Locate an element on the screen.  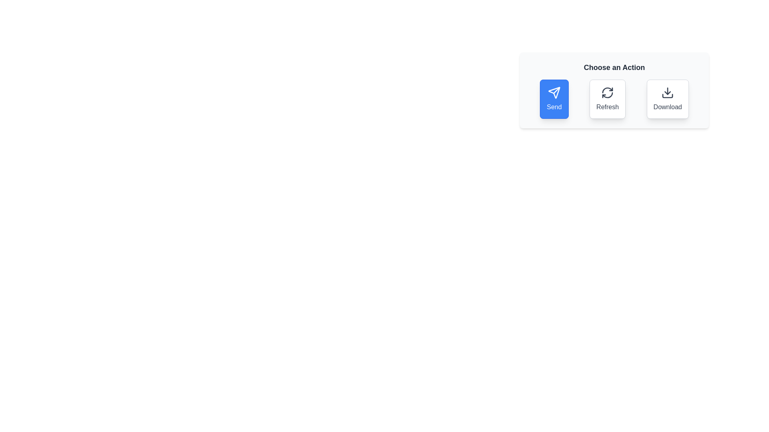
the action chip corresponding to Download is located at coordinates (668, 98).